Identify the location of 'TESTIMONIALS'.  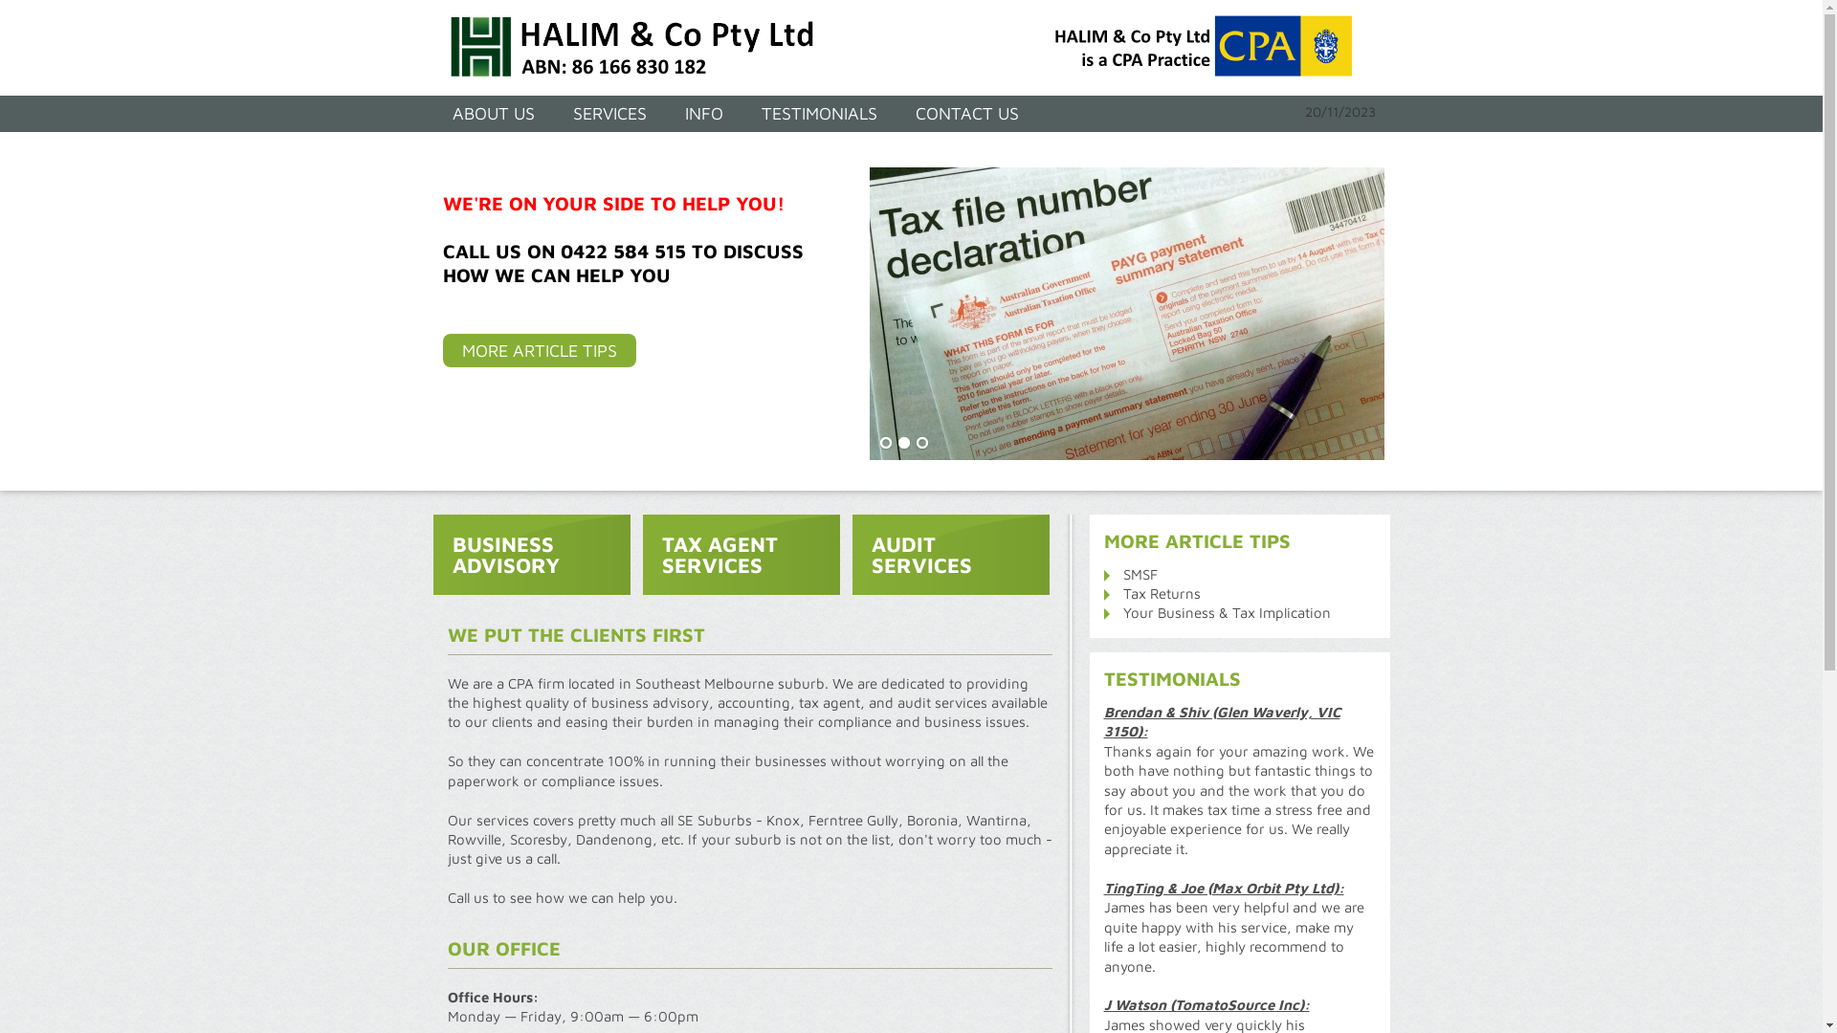
(819, 114).